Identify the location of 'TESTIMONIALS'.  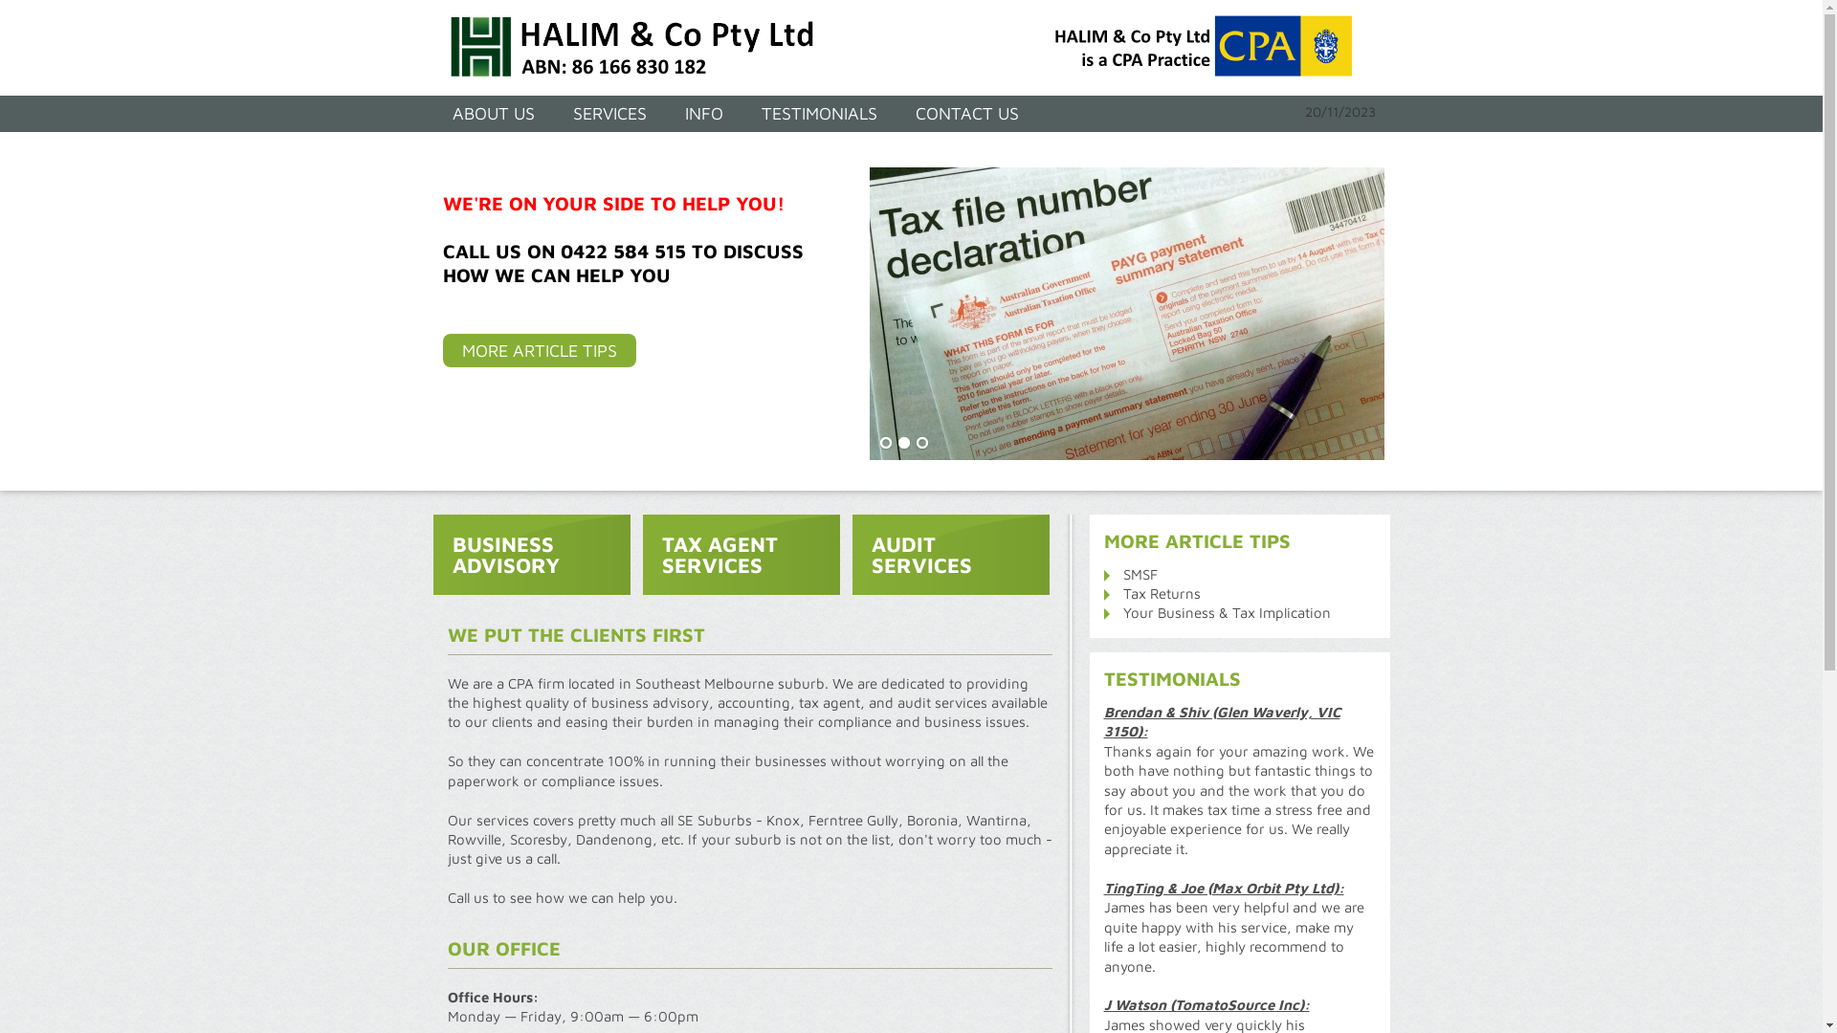
(819, 114).